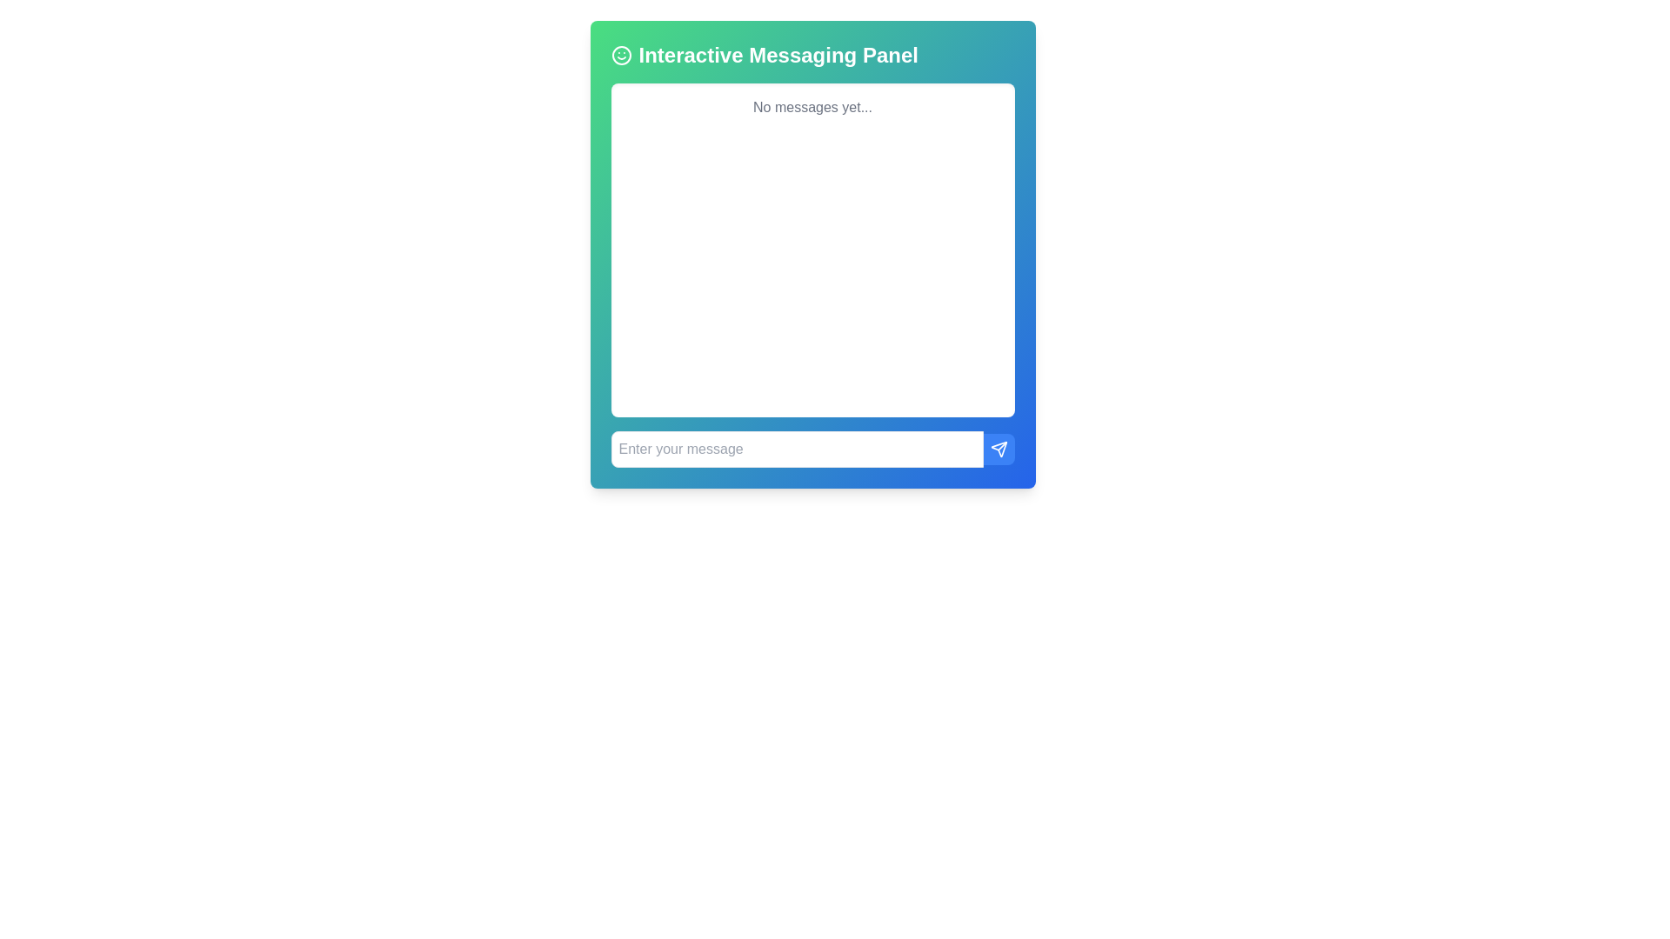 Image resolution: width=1670 pixels, height=939 pixels. I want to click on the cheerful icon SVG element located near the top-left corner of the messaging panel, adjacent to the title text 'Interactive Messaging Panel', so click(621, 55).